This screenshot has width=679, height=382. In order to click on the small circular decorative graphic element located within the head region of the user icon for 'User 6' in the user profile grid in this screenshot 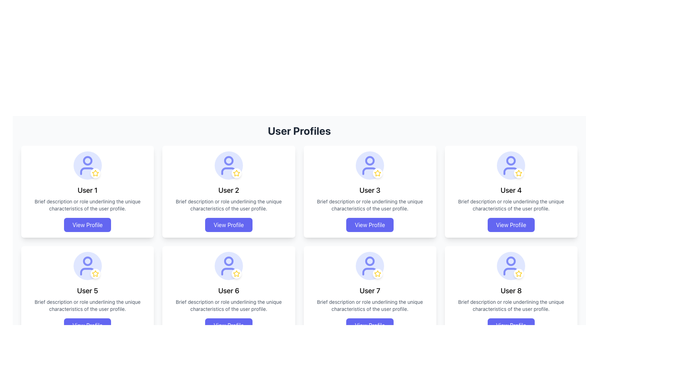, I will do `click(228, 261)`.